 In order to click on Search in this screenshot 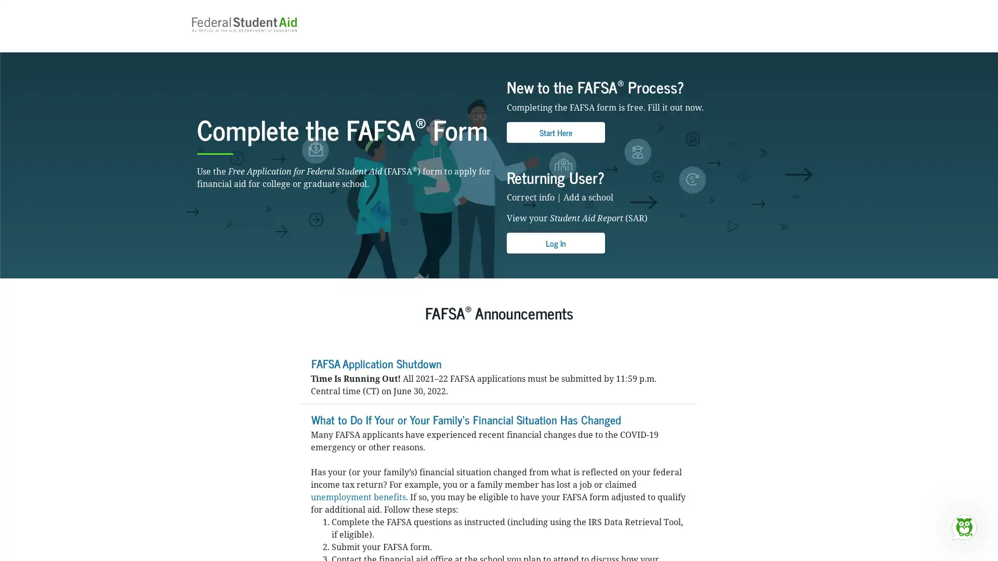, I will do `click(653, 36)`.